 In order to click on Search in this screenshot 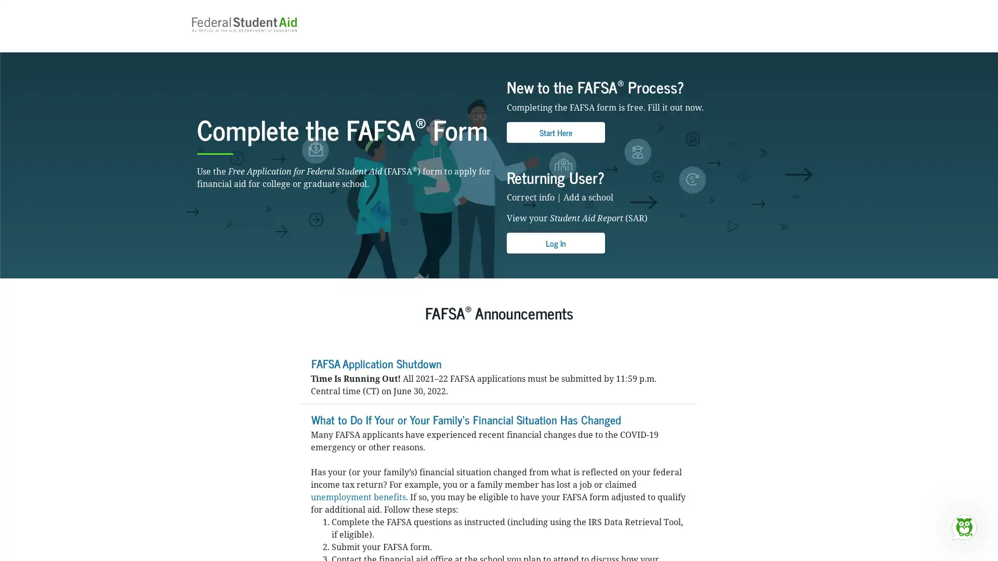, I will do `click(653, 36)`.